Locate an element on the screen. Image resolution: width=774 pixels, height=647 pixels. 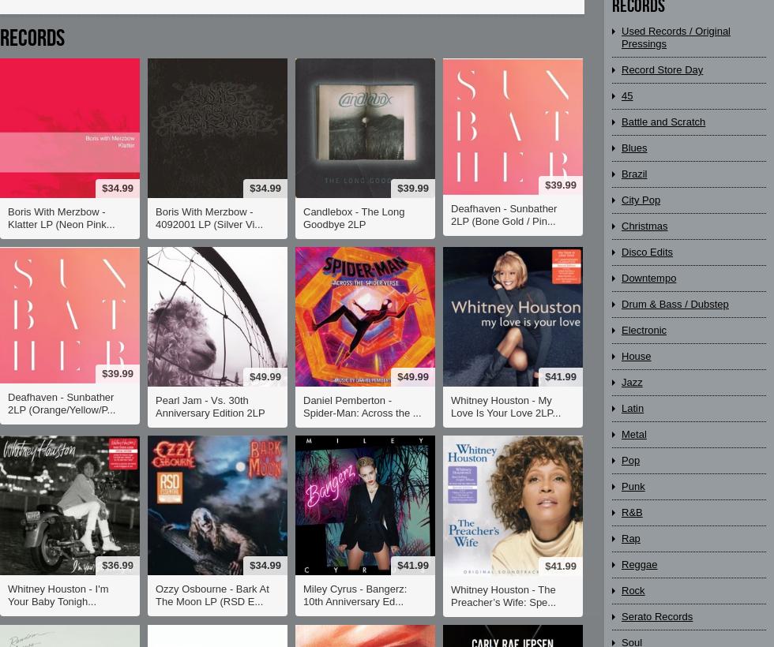
'Reggae' is located at coordinates (639, 564).